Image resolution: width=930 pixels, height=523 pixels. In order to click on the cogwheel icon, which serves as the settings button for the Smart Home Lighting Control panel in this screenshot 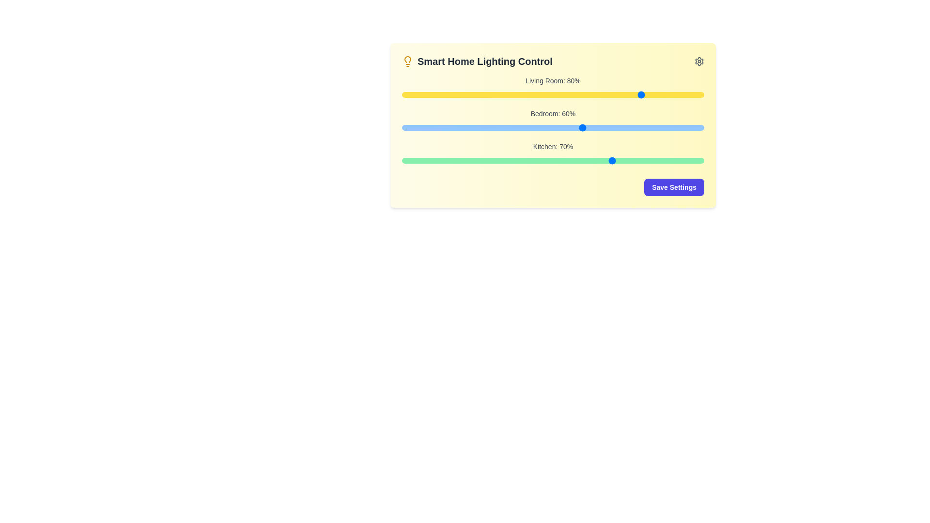, I will do `click(699, 61)`.